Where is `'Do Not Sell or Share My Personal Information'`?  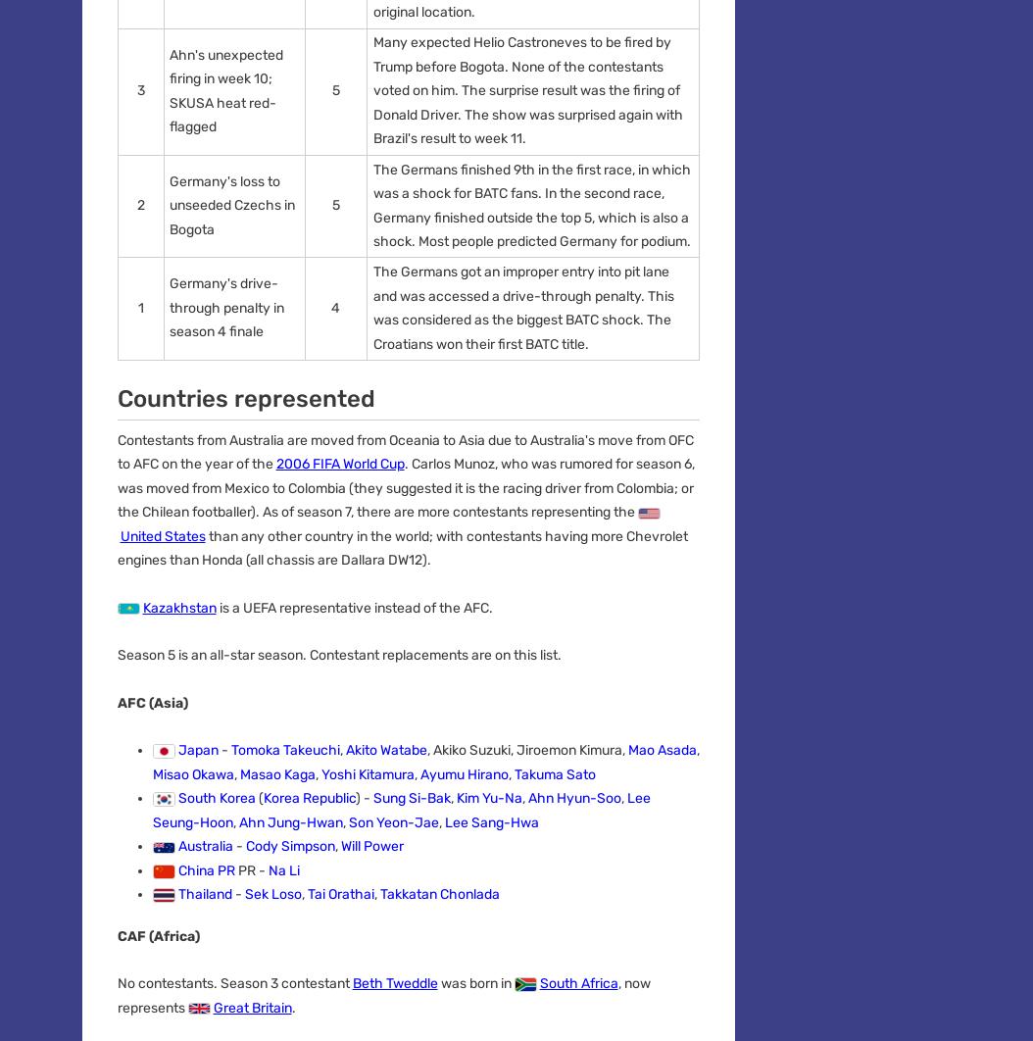 'Do Not Sell or Share My Personal Information' is located at coordinates (563, 828).